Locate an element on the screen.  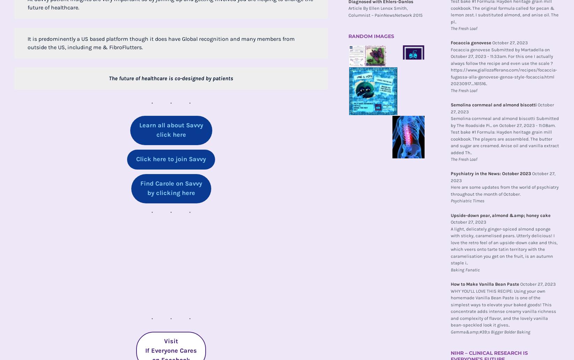
'Upside-down pear, almond &amp; honey cake' is located at coordinates (500, 215).